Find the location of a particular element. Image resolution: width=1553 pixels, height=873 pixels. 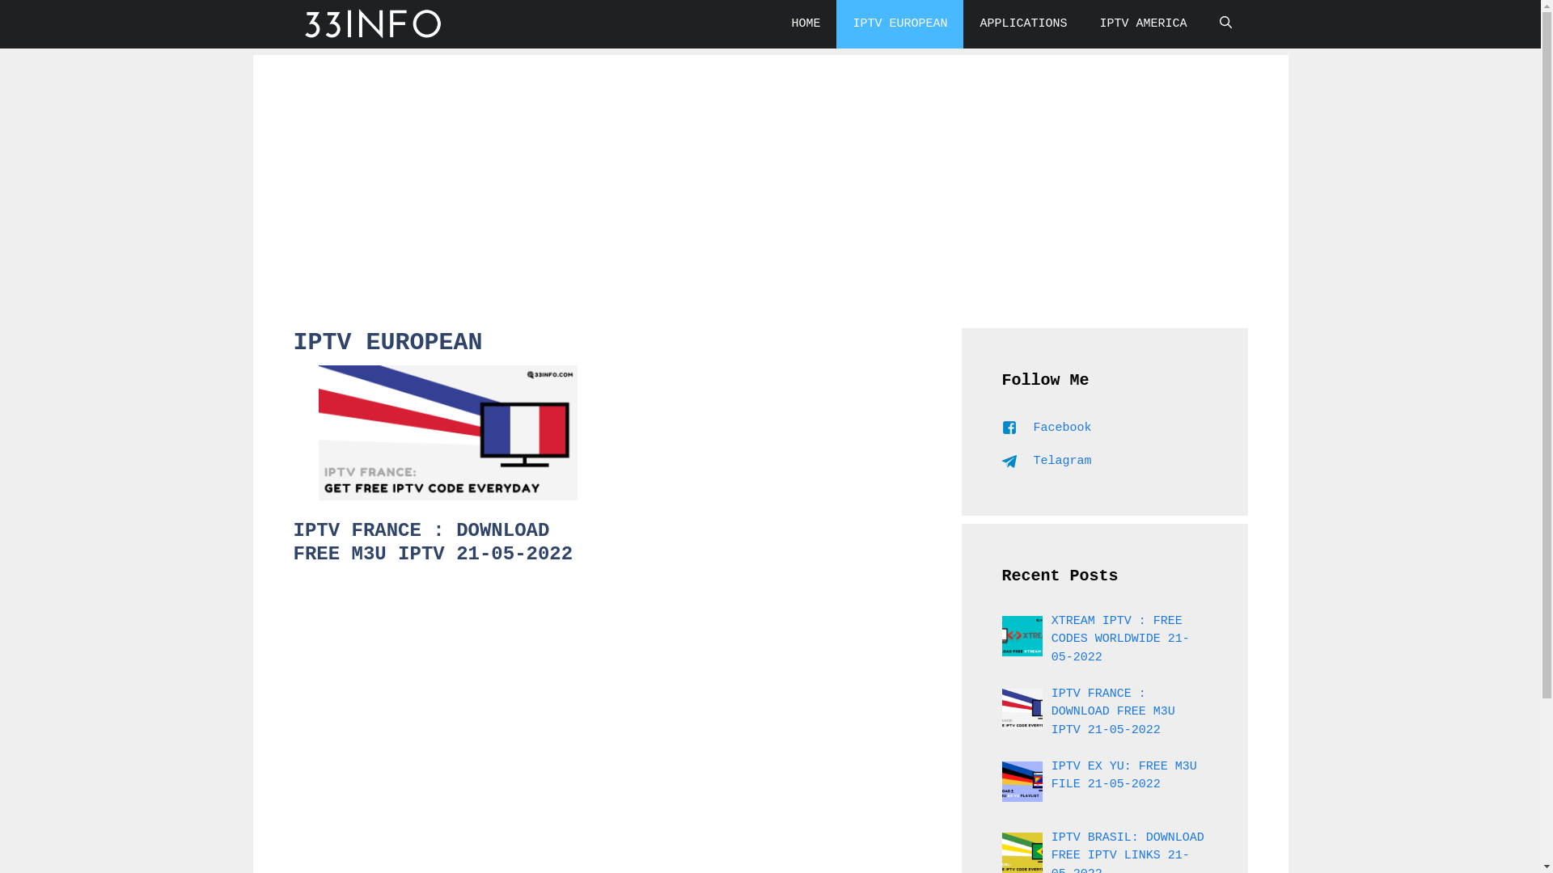

'HOME' is located at coordinates (806, 24).